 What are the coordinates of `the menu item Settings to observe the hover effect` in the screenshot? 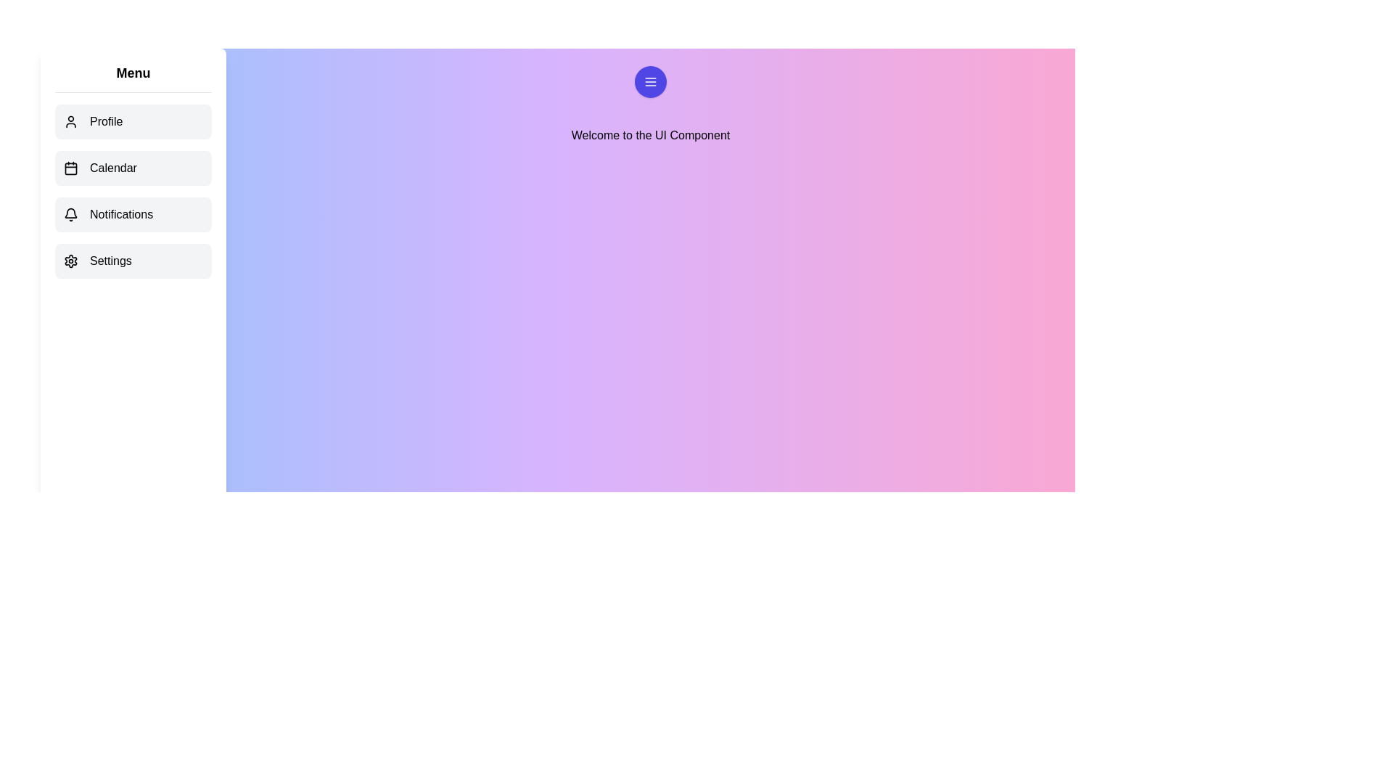 It's located at (133, 260).